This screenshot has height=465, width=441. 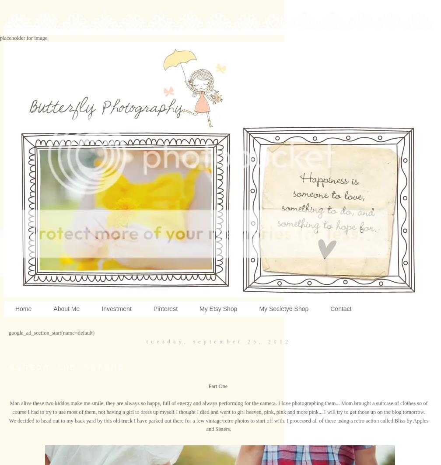 I want to click on 'My Society6 Shop', so click(x=283, y=308).